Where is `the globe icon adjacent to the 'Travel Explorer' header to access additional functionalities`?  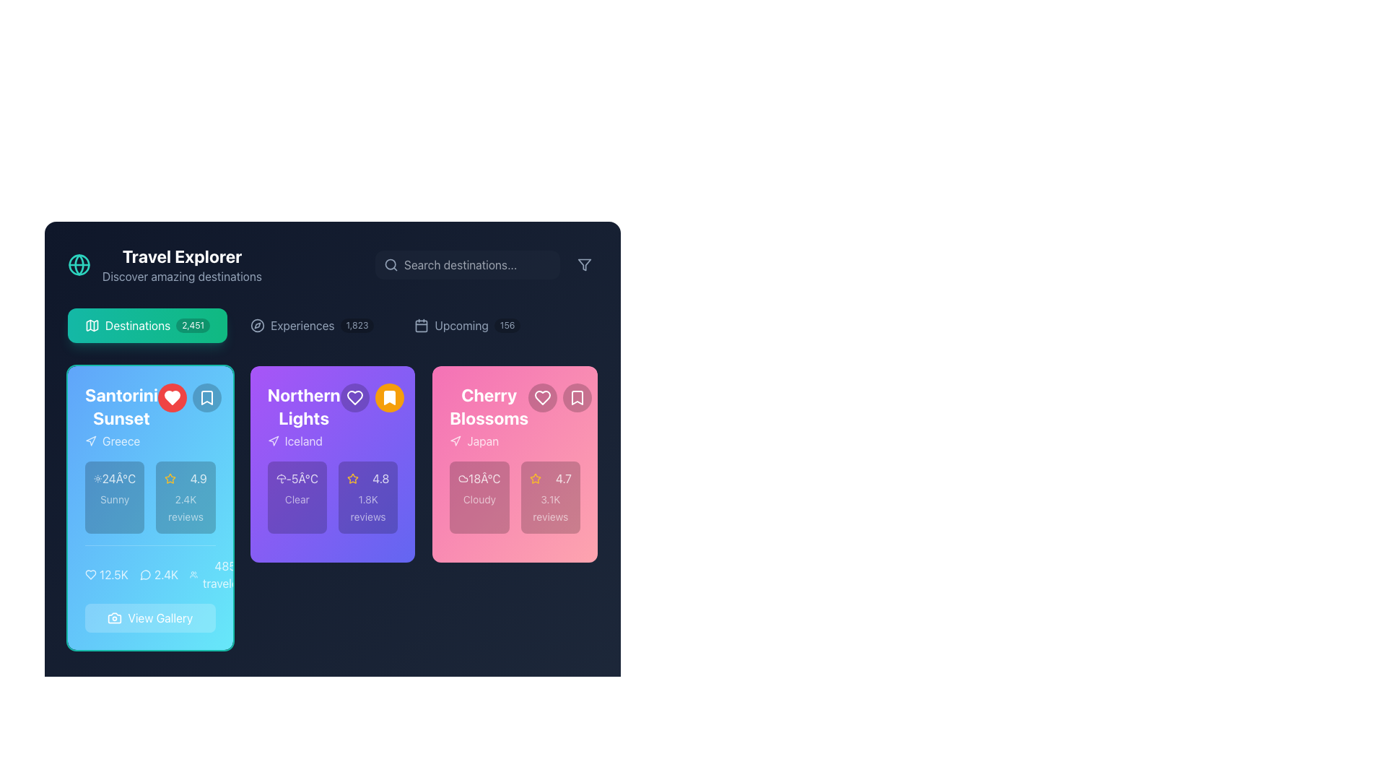 the globe icon adjacent to the 'Travel Explorer' header to access additional functionalities is located at coordinates (165, 264).